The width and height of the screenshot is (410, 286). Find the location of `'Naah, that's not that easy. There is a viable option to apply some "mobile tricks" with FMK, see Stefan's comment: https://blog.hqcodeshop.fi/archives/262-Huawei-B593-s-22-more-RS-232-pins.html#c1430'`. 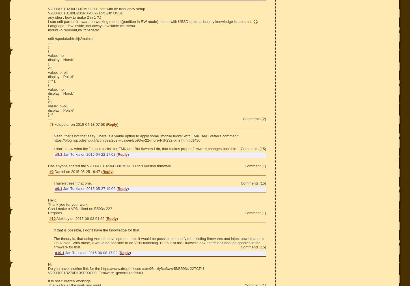

'Naah, that's not that easy. There is a viable option to apply some "mobile tricks" with FMK, see Stefan's comment: https://blog.hqcodeshop.fi/archives/262-Huawei-B593-s-22-more-RS-232-pins.html#c1430' is located at coordinates (146, 138).